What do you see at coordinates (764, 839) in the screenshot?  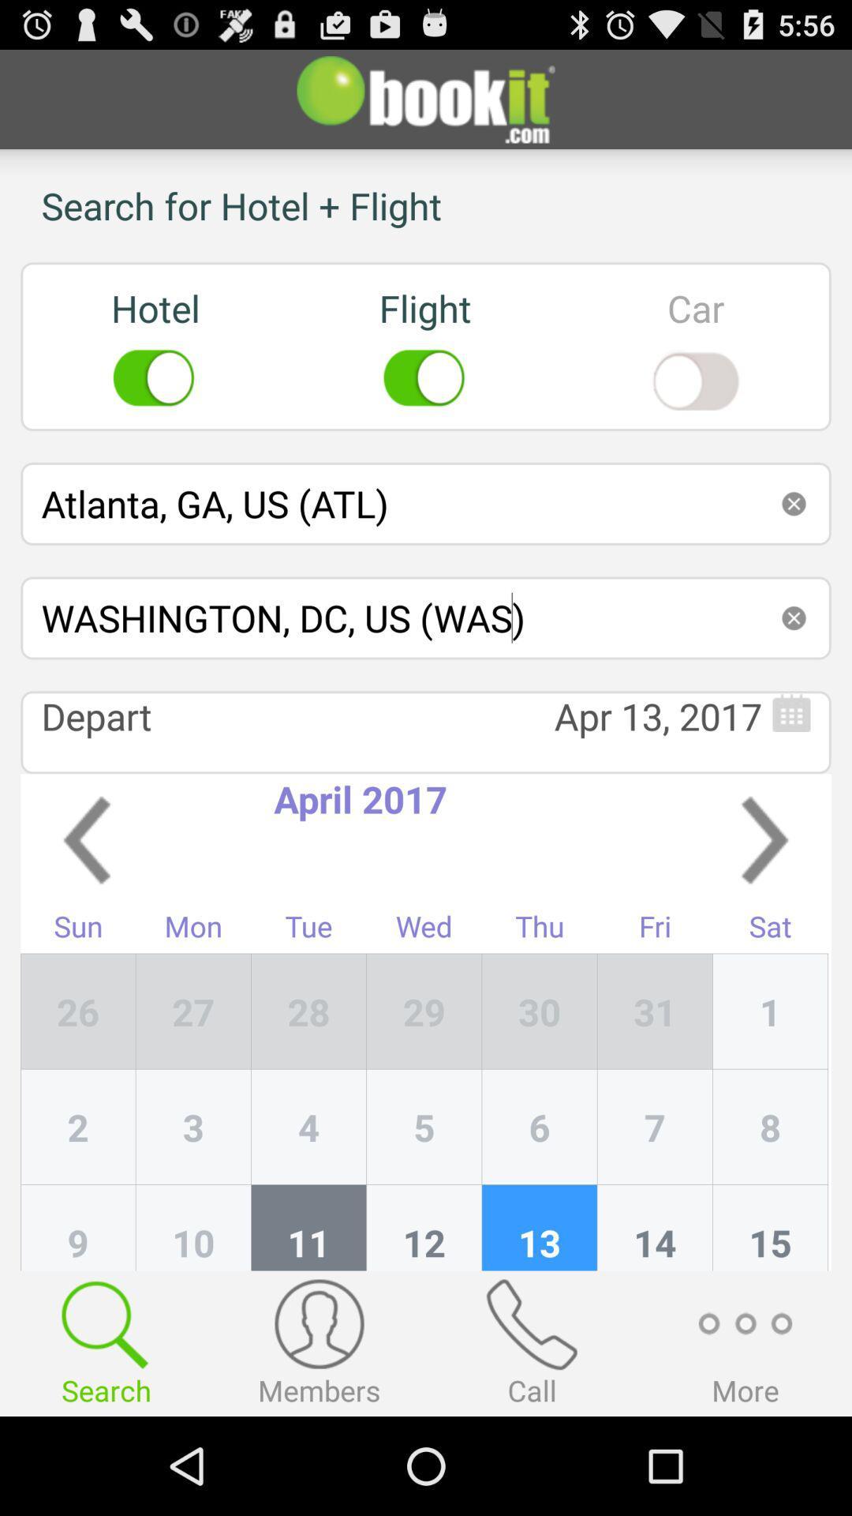 I see `app above fri item` at bounding box center [764, 839].